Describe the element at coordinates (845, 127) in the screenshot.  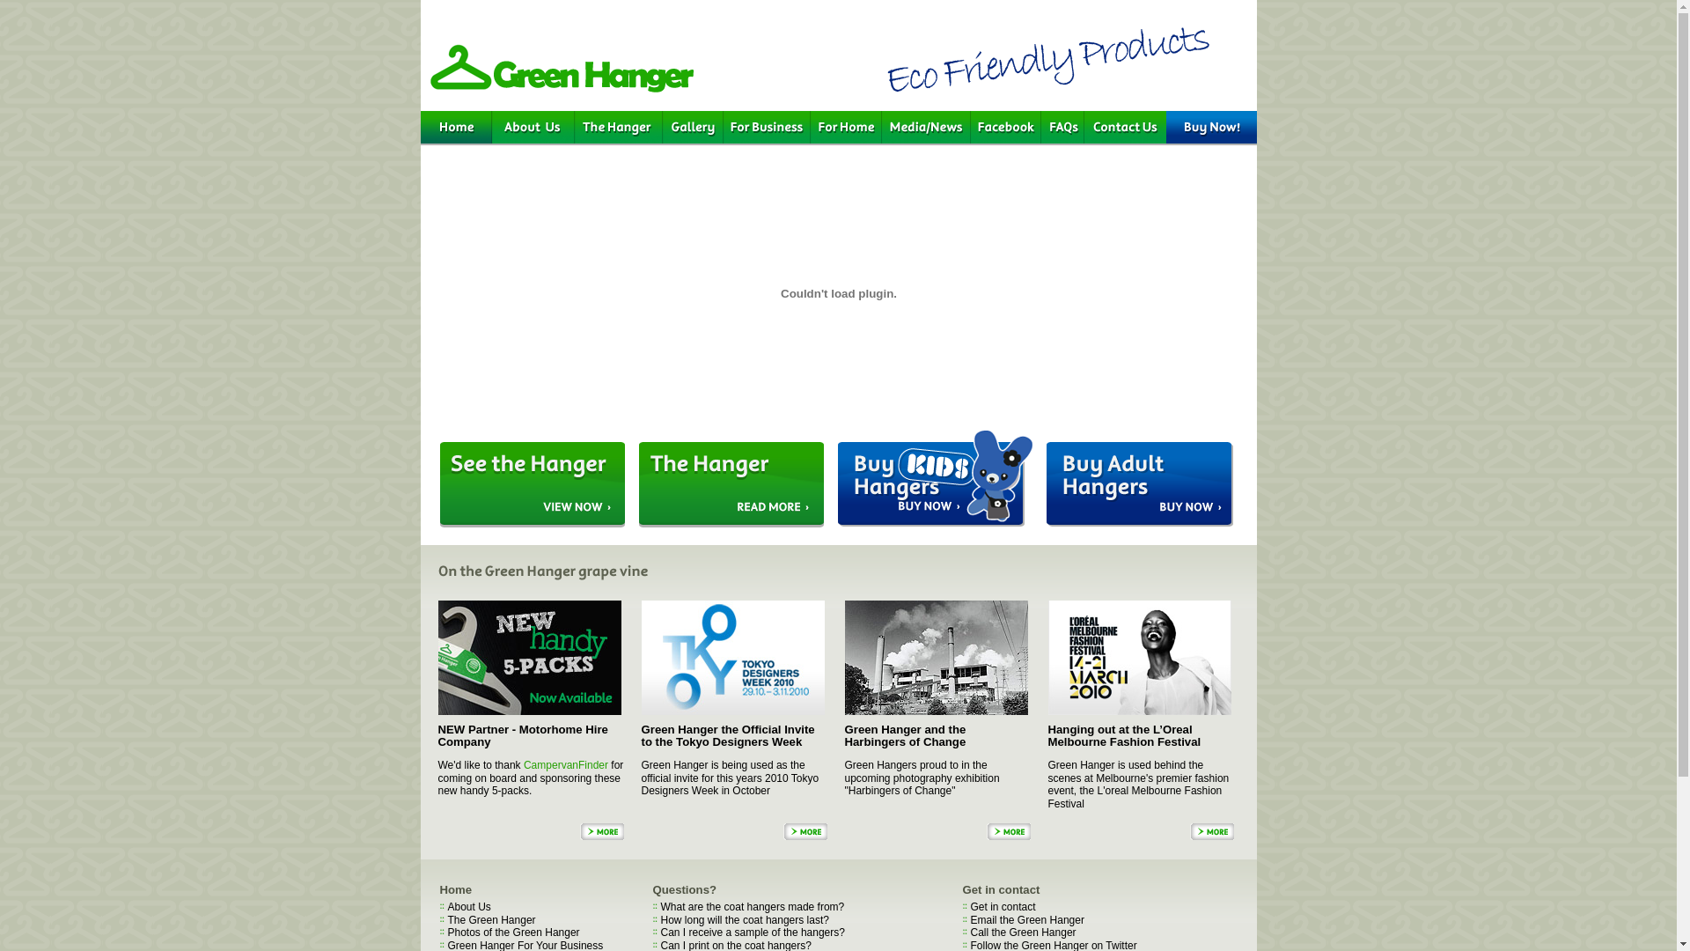
I see `'For Home'` at that location.